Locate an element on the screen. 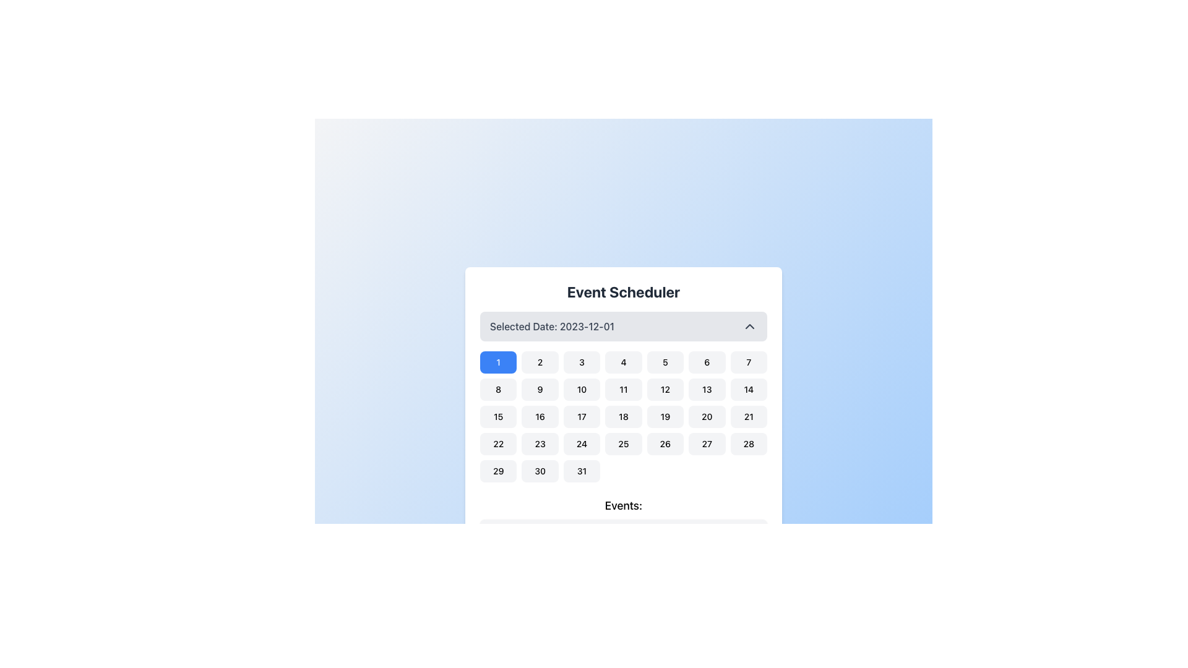  the small button with a light gray background and rounded corners that contains the text '2', located in the top row of the calendar grid is located at coordinates (540, 362).